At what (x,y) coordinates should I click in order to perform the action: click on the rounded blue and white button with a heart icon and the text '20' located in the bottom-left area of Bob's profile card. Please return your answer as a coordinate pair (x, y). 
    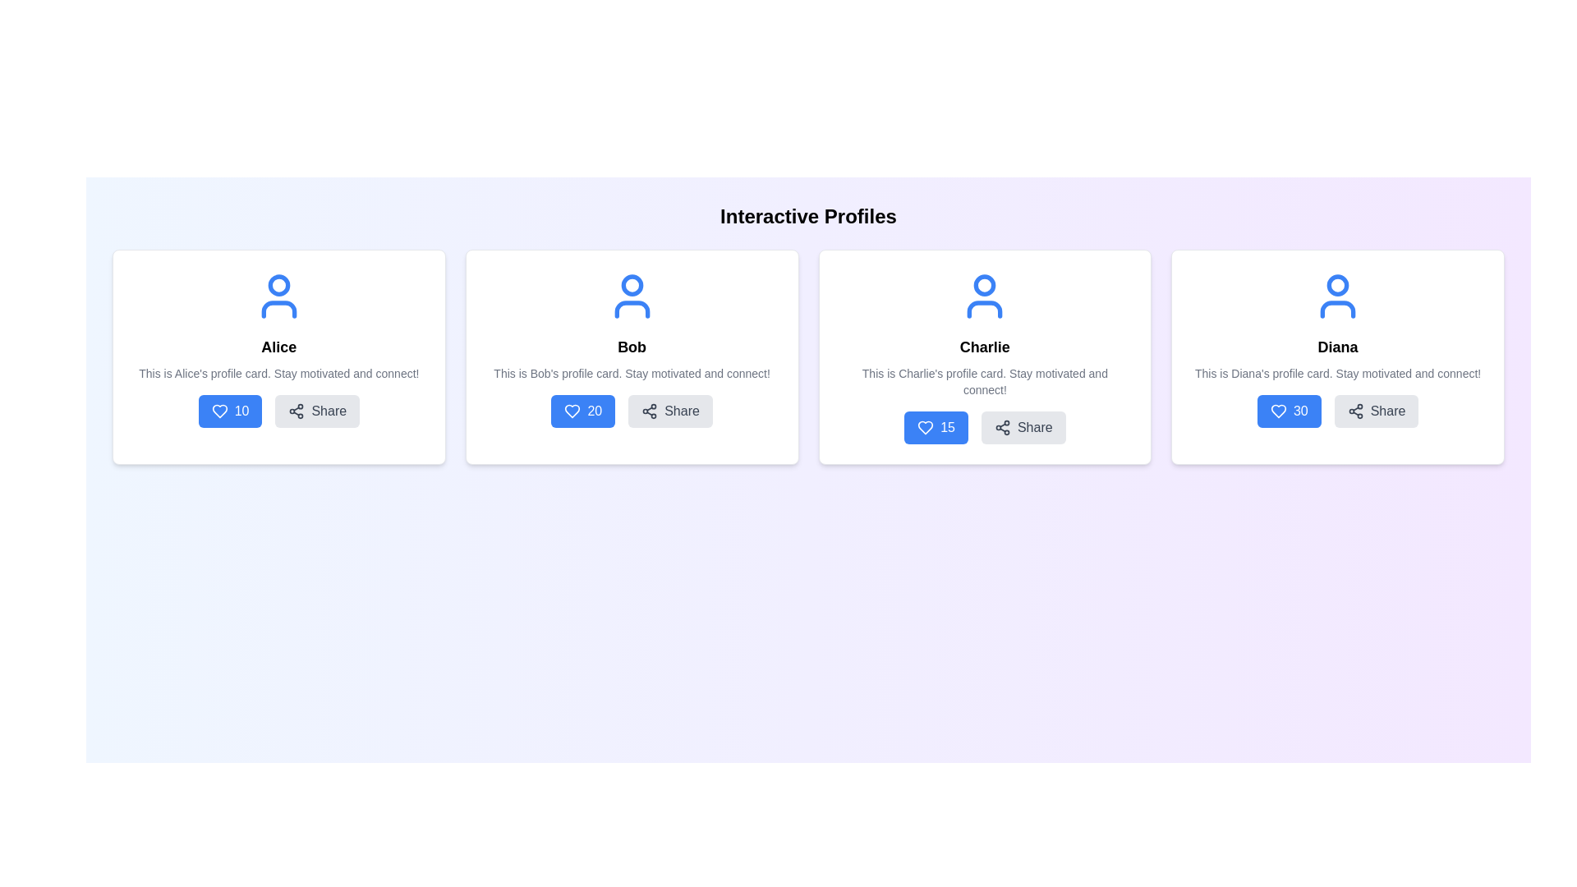
    Looking at the image, I should click on (583, 411).